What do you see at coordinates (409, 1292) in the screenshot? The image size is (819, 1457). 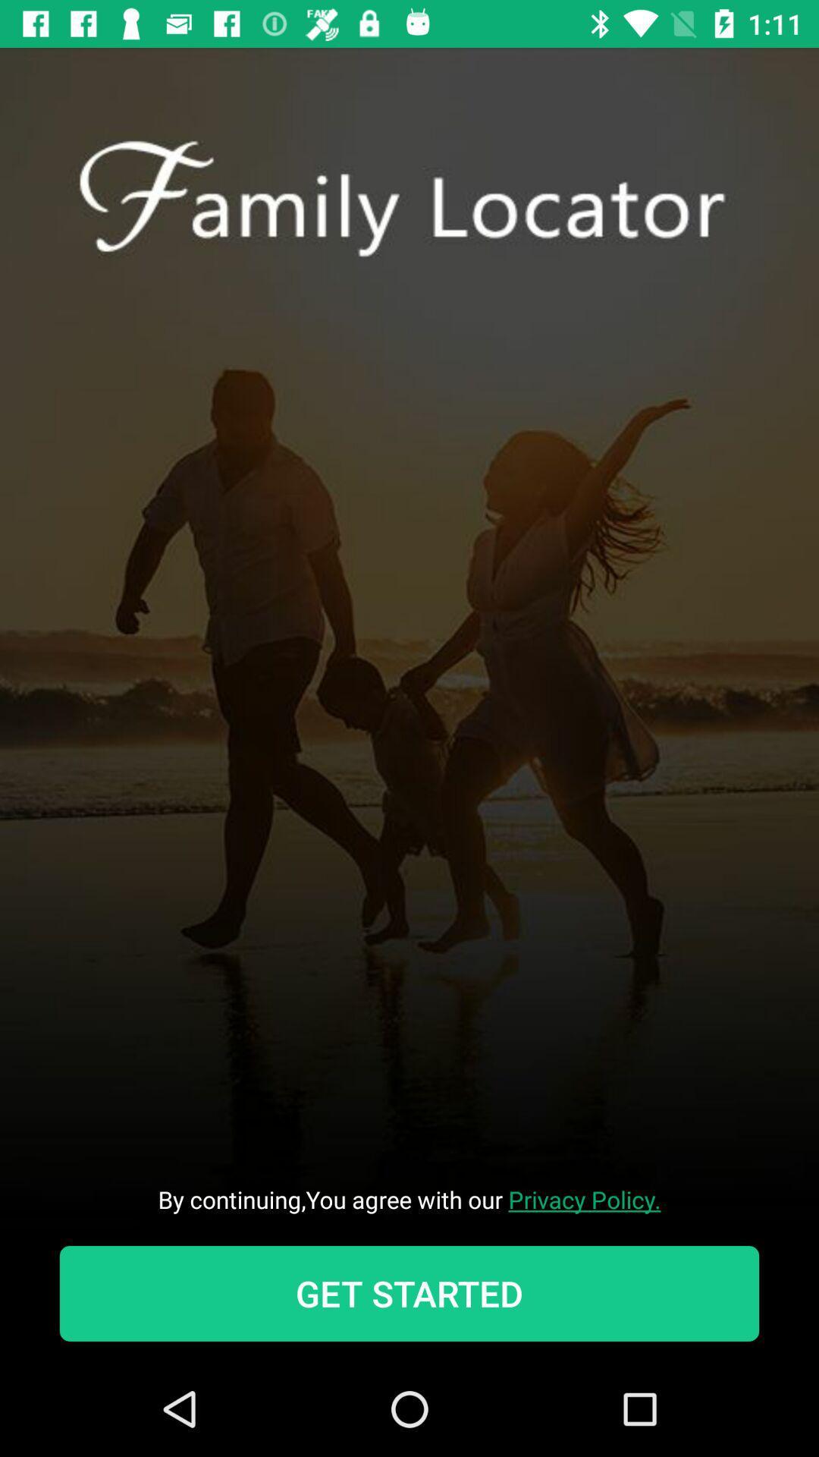 I see `icon below the by continuing you` at bounding box center [409, 1292].